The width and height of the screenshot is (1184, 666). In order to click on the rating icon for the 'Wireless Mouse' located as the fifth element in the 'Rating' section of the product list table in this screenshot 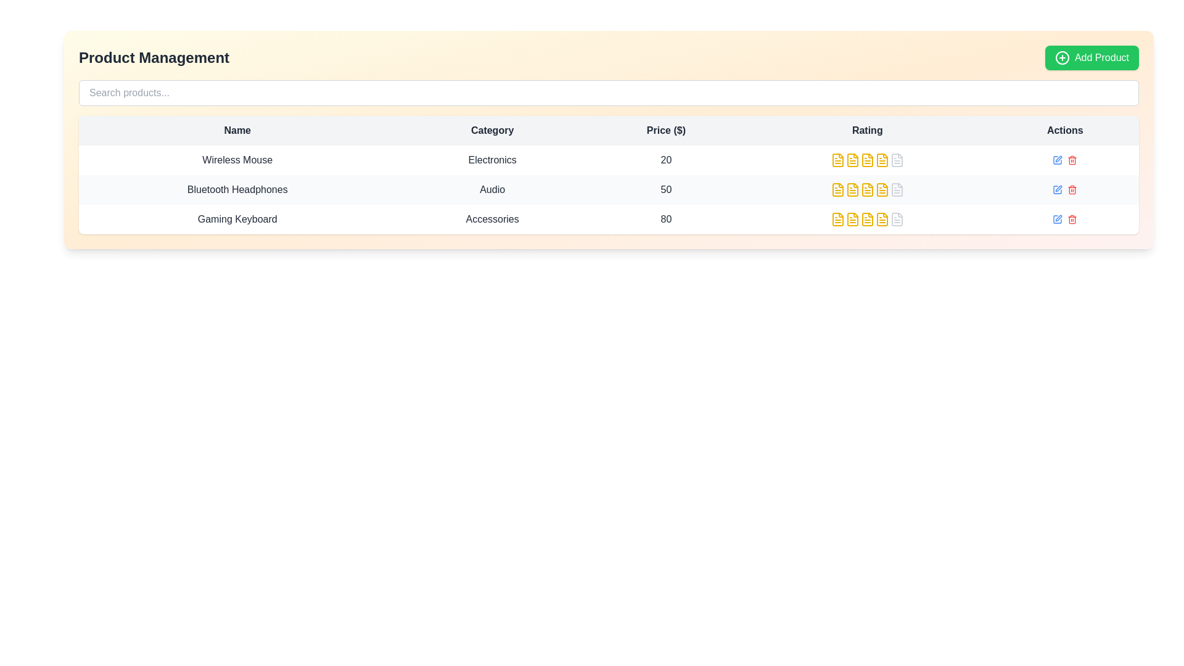, I will do `click(897, 159)`.